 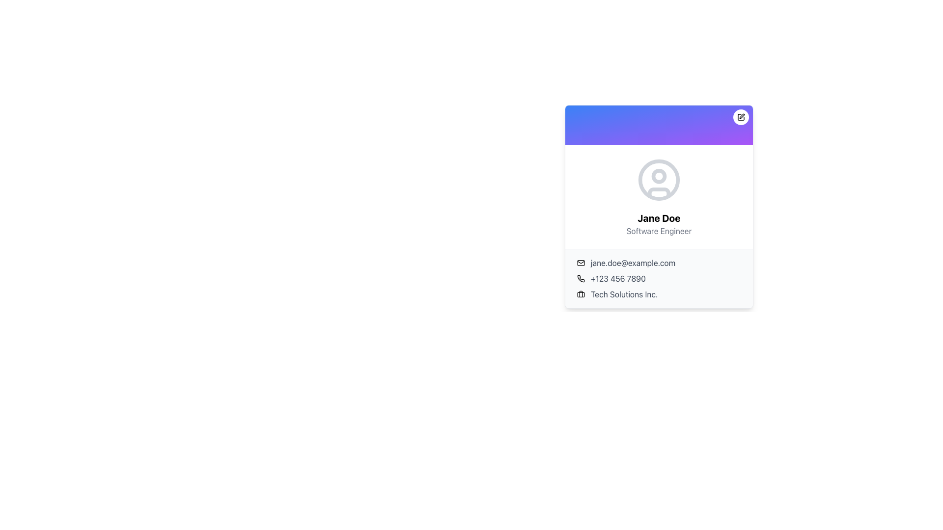 I want to click on the rounded button in the top-right corner of the profile card header that has a pen icon, so click(x=741, y=117).